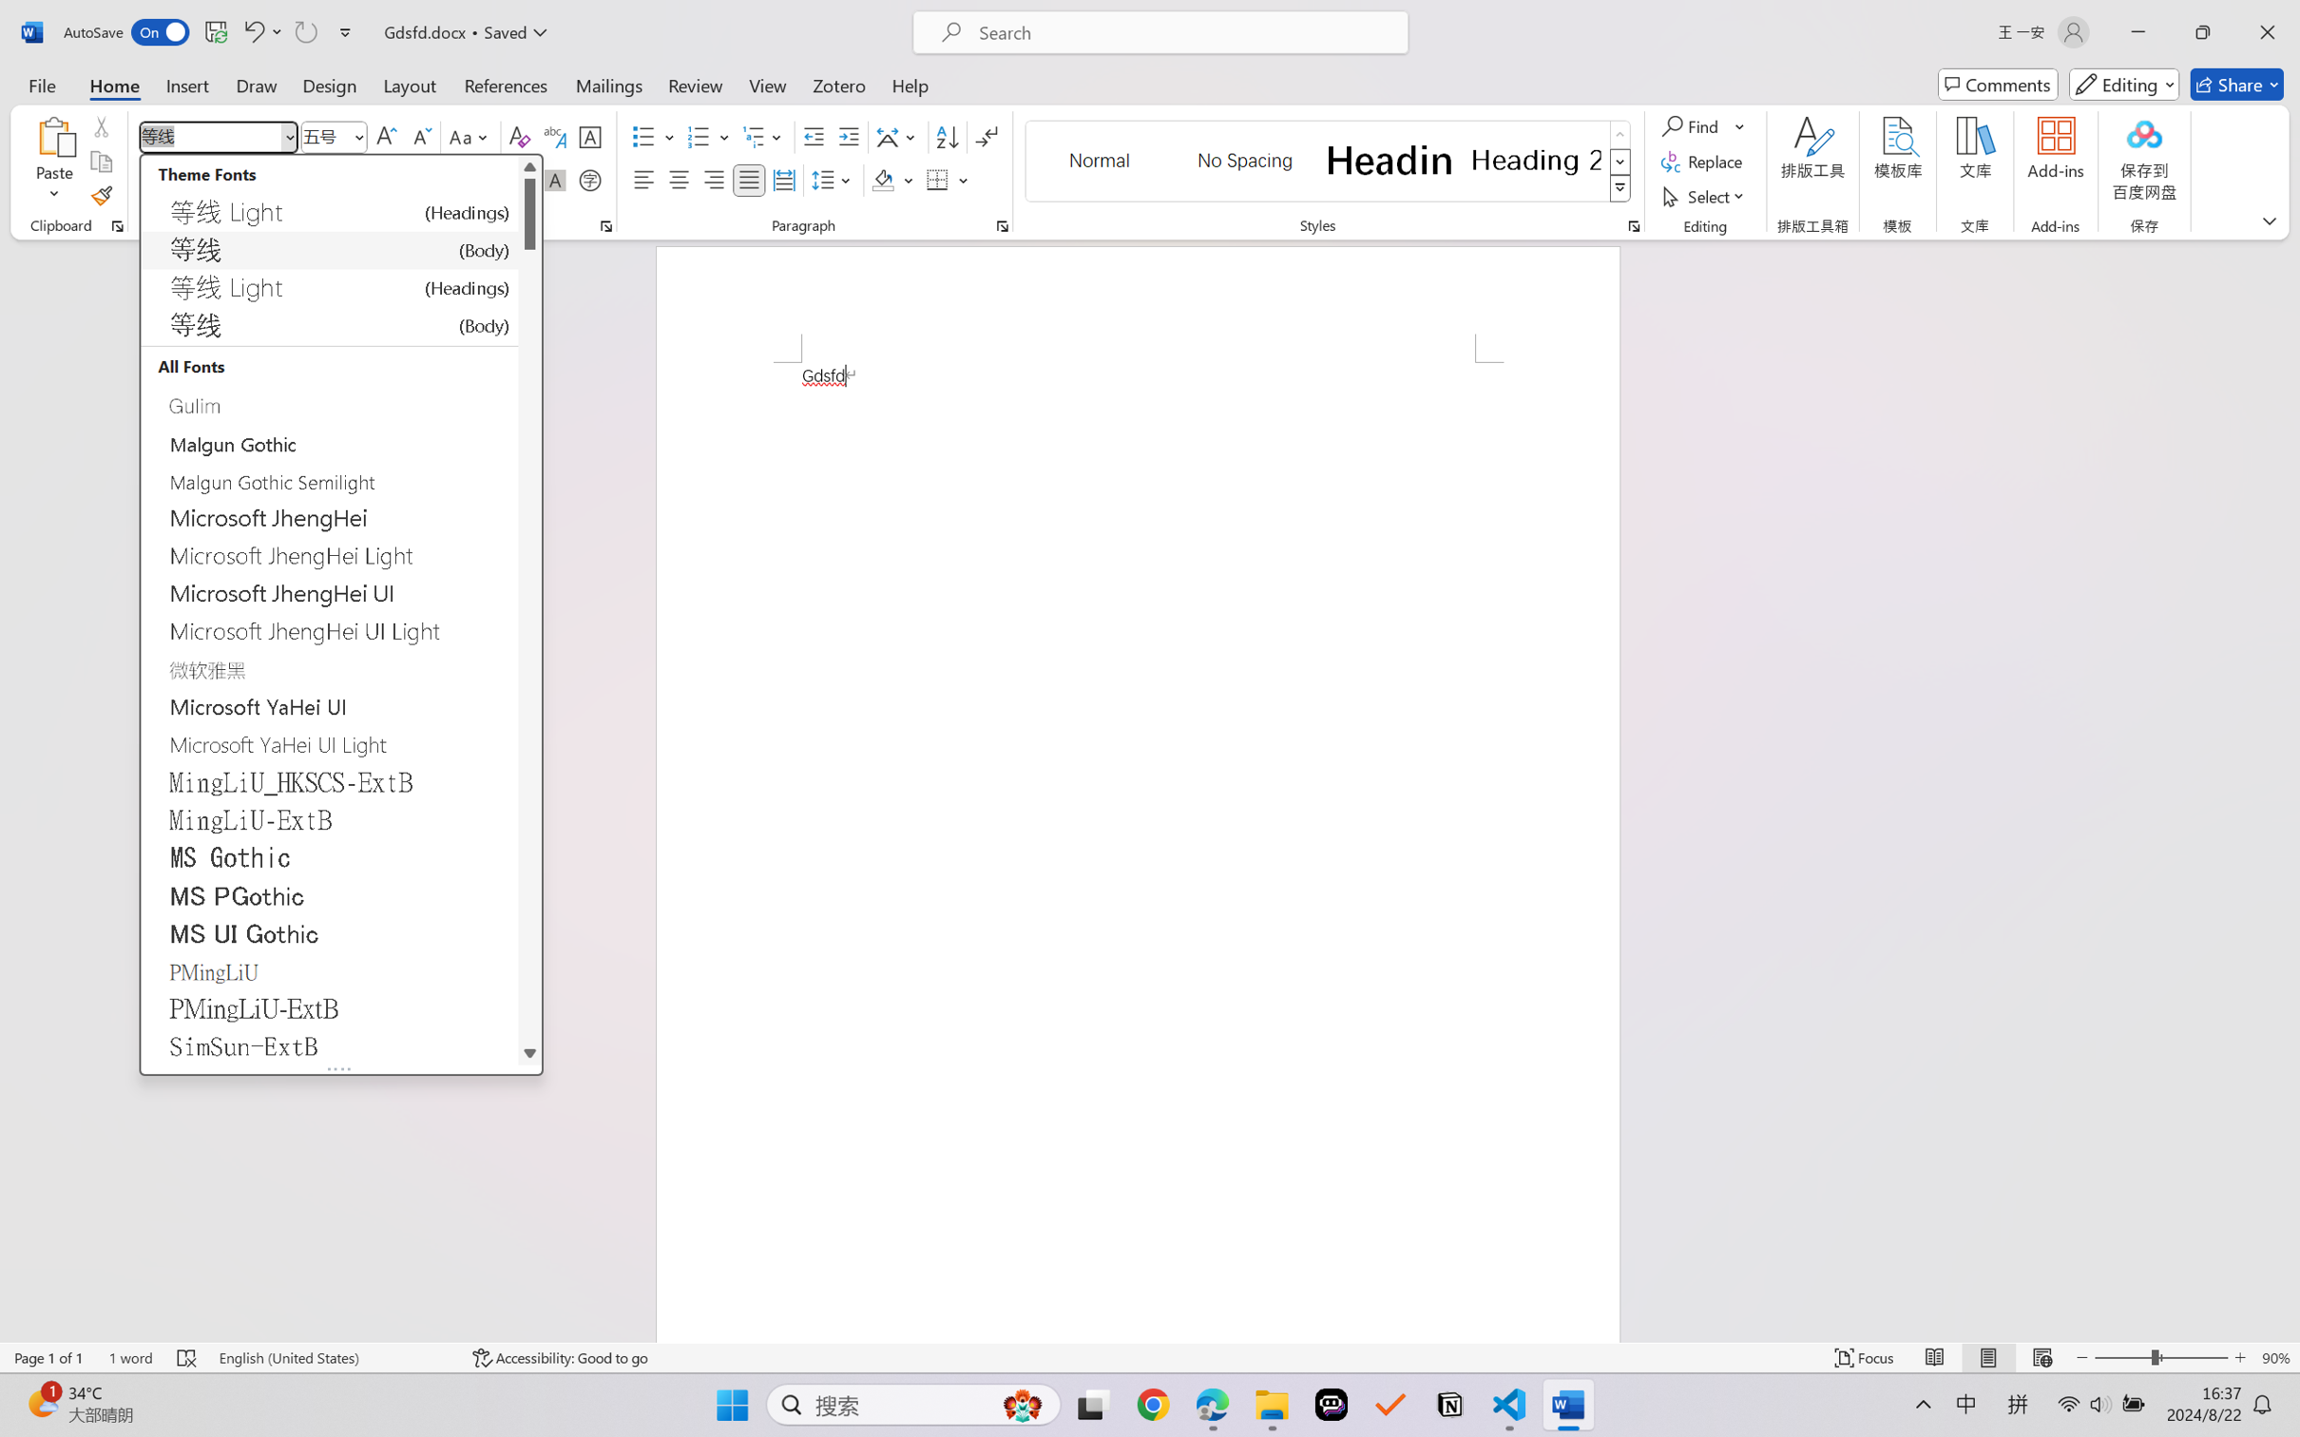 The image size is (2300, 1437). What do you see at coordinates (590, 179) in the screenshot?
I see `'Enclose Characters...'` at bounding box center [590, 179].